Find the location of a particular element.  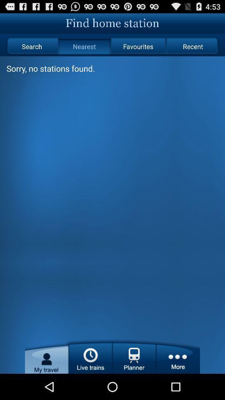

the icon below the sorry no stations is located at coordinates (90, 355).